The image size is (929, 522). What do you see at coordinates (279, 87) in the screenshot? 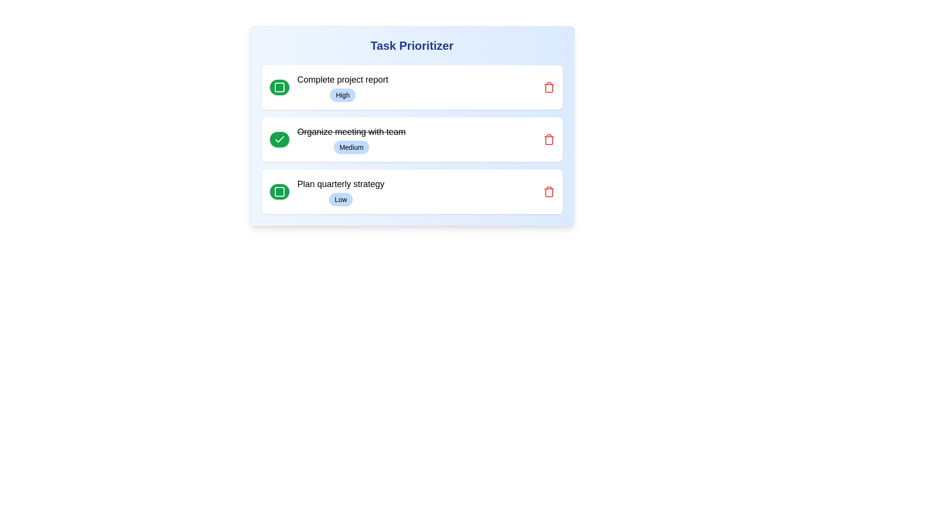
I see `the green rounded square icon that is the first icon in the task labeled 'Complete project report', located in the uppermost task row` at bounding box center [279, 87].